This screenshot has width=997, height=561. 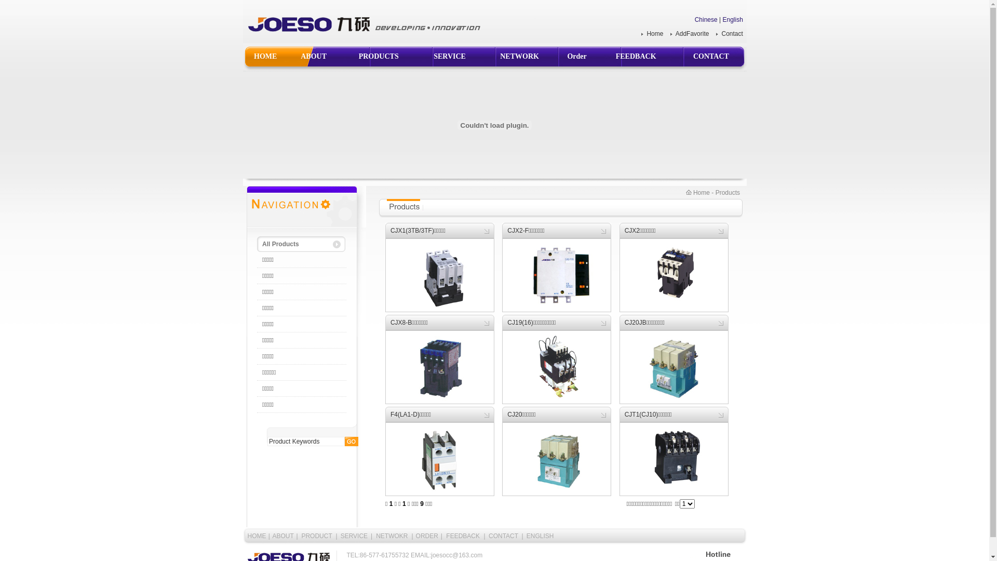 I want to click on 'Chinese', so click(x=695, y=20).